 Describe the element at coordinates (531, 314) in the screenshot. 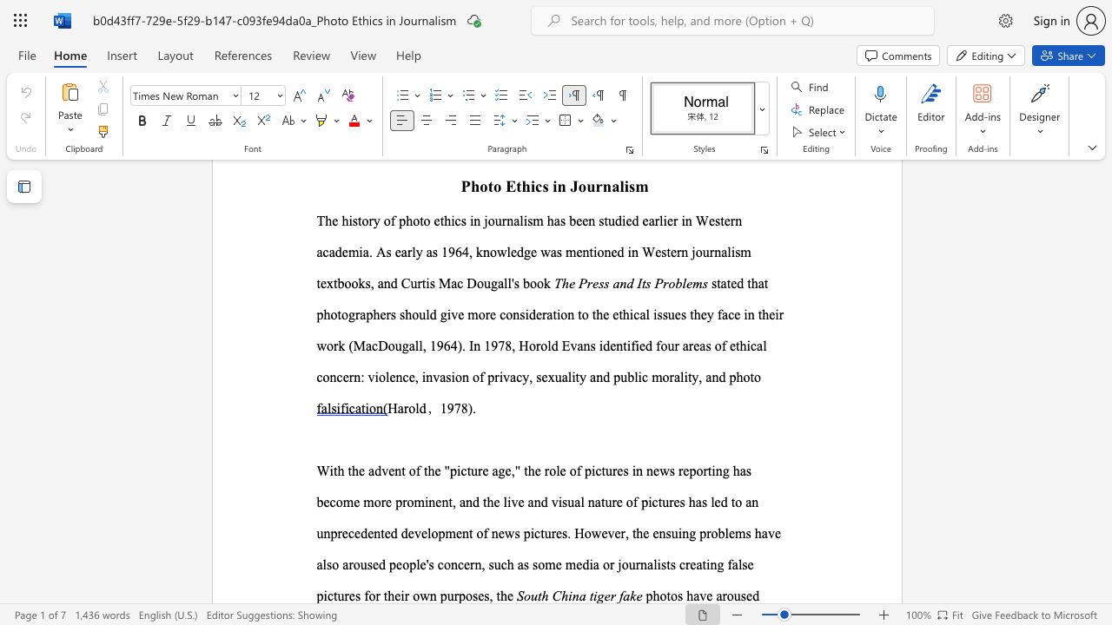

I see `the 2th character "d" in the text` at that location.